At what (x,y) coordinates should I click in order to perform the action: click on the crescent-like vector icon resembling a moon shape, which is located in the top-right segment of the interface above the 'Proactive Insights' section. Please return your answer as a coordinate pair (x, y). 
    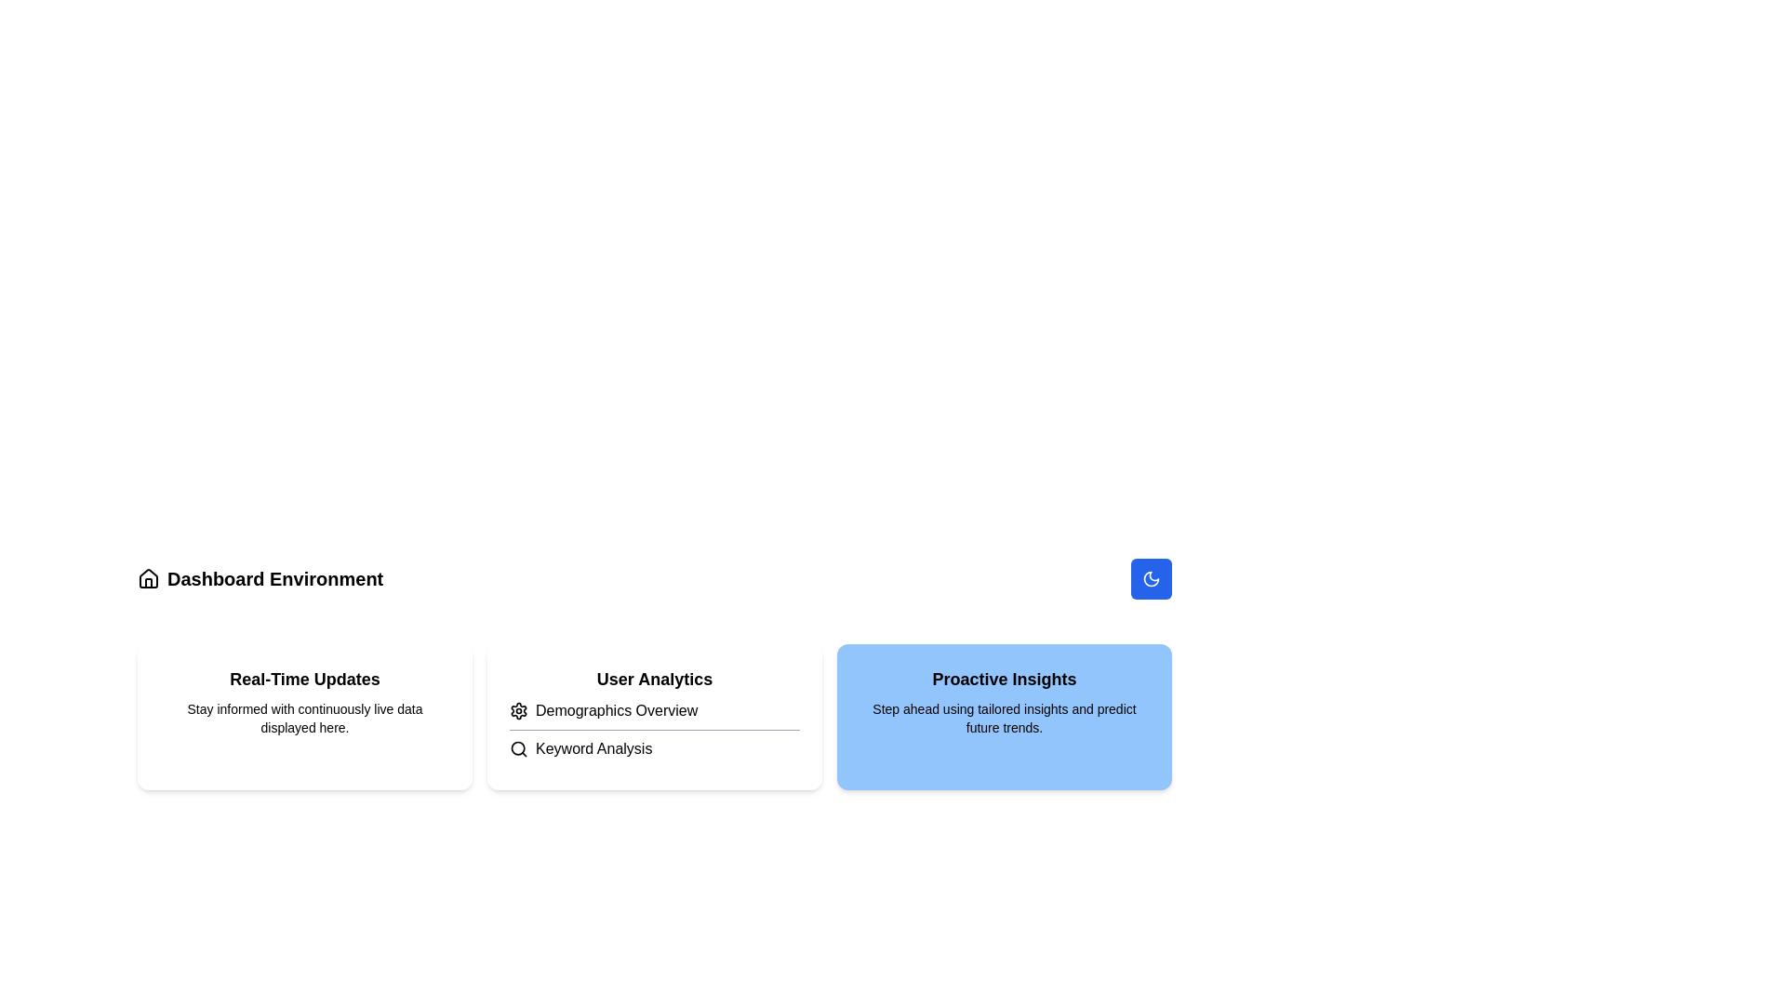
    Looking at the image, I should click on (1151, 578).